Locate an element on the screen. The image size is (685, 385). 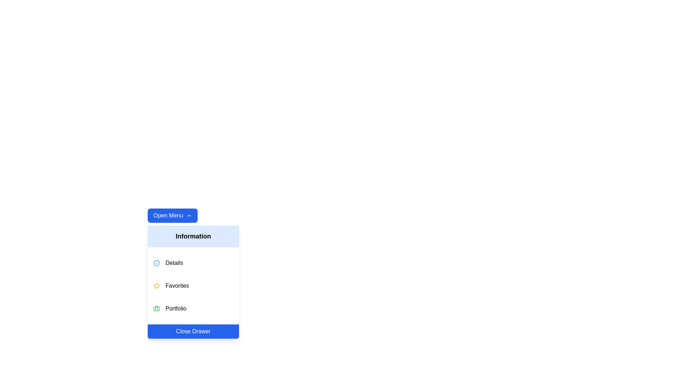
the star-shaped yellow icon associated with the 'Favorites' label in the dropdown menu is located at coordinates (156, 286).